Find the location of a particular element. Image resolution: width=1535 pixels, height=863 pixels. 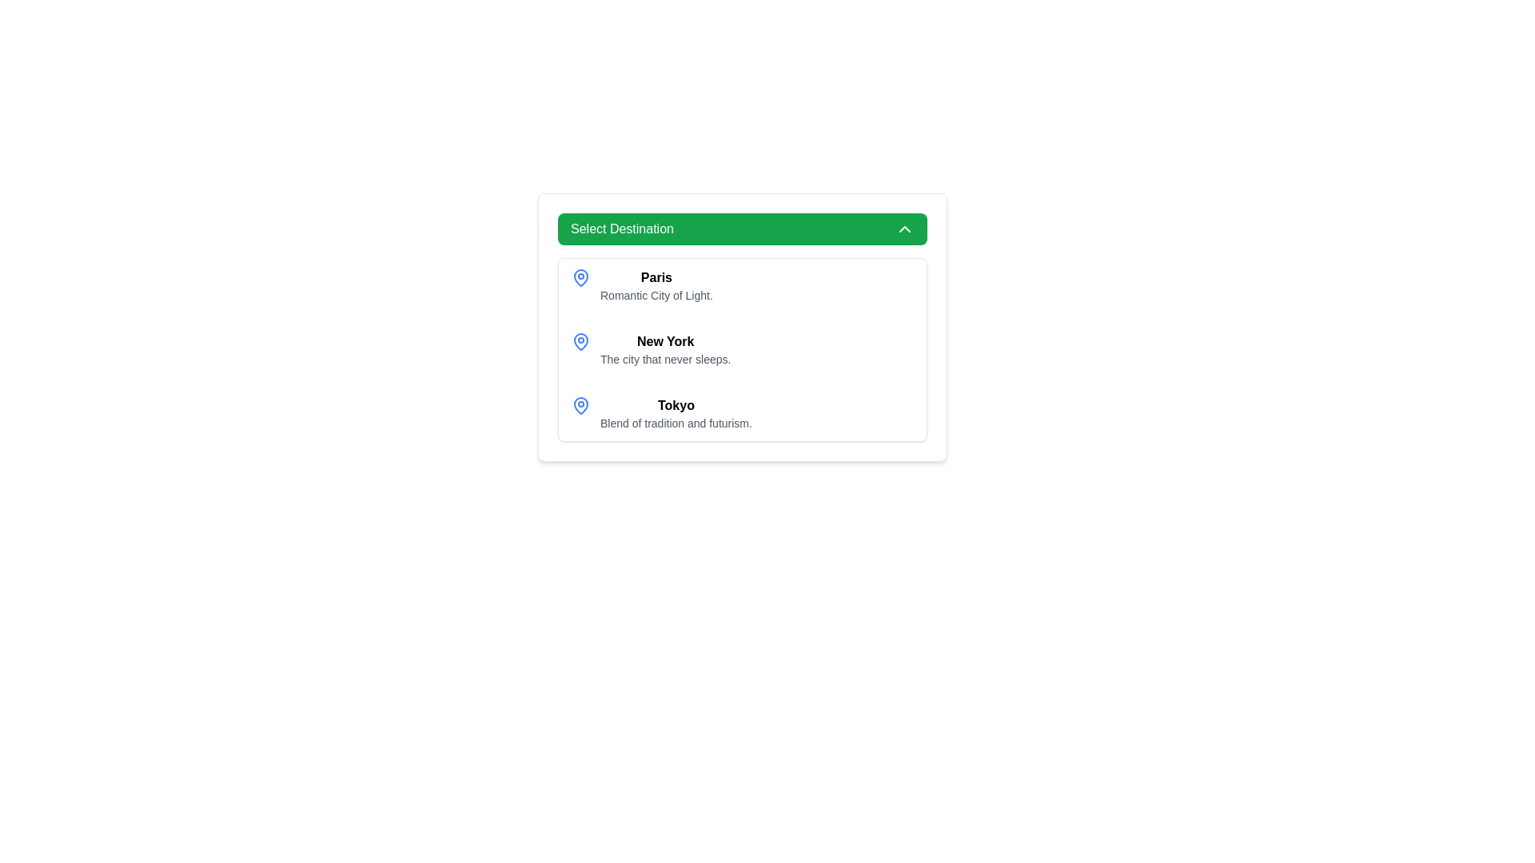

the map pin icon indicating the 'New York' destination, which is located directly to the left of the 'New York' label in the list of destinations is located at coordinates (580, 340).